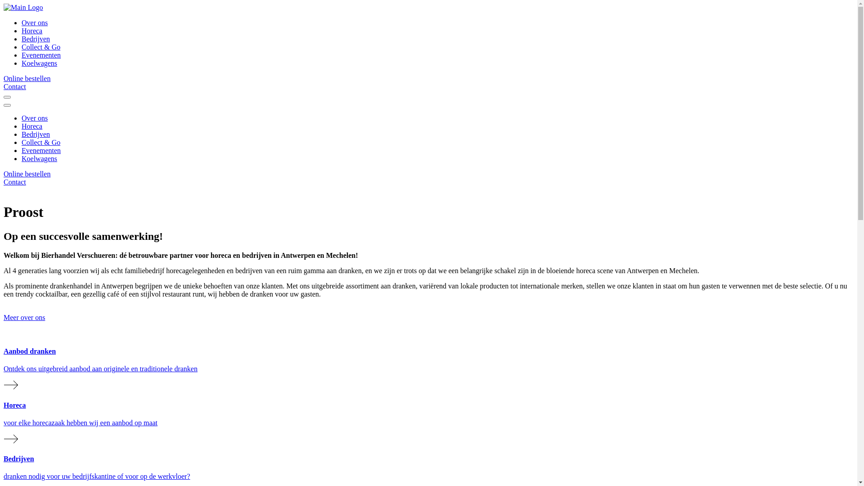  Describe the element at coordinates (40, 47) in the screenshot. I see `'Collect & Go'` at that location.